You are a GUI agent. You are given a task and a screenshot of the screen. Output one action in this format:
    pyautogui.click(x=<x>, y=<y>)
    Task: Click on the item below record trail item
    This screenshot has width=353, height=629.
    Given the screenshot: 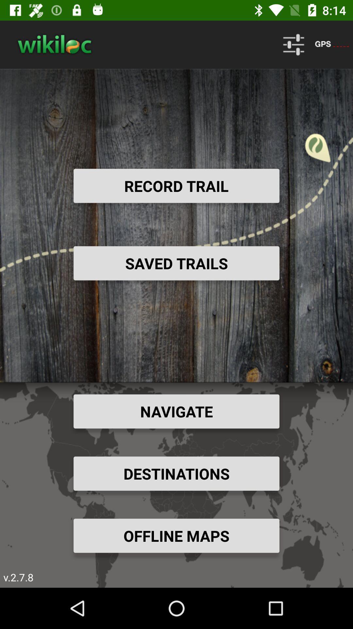 What is the action you would take?
    pyautogui.click(x=176, y=263)
    